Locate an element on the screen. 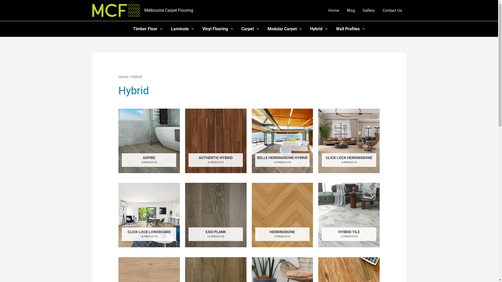 This screenshot has width=502, height=282. 'EASI PLANK is located at coordinates (216, 215).